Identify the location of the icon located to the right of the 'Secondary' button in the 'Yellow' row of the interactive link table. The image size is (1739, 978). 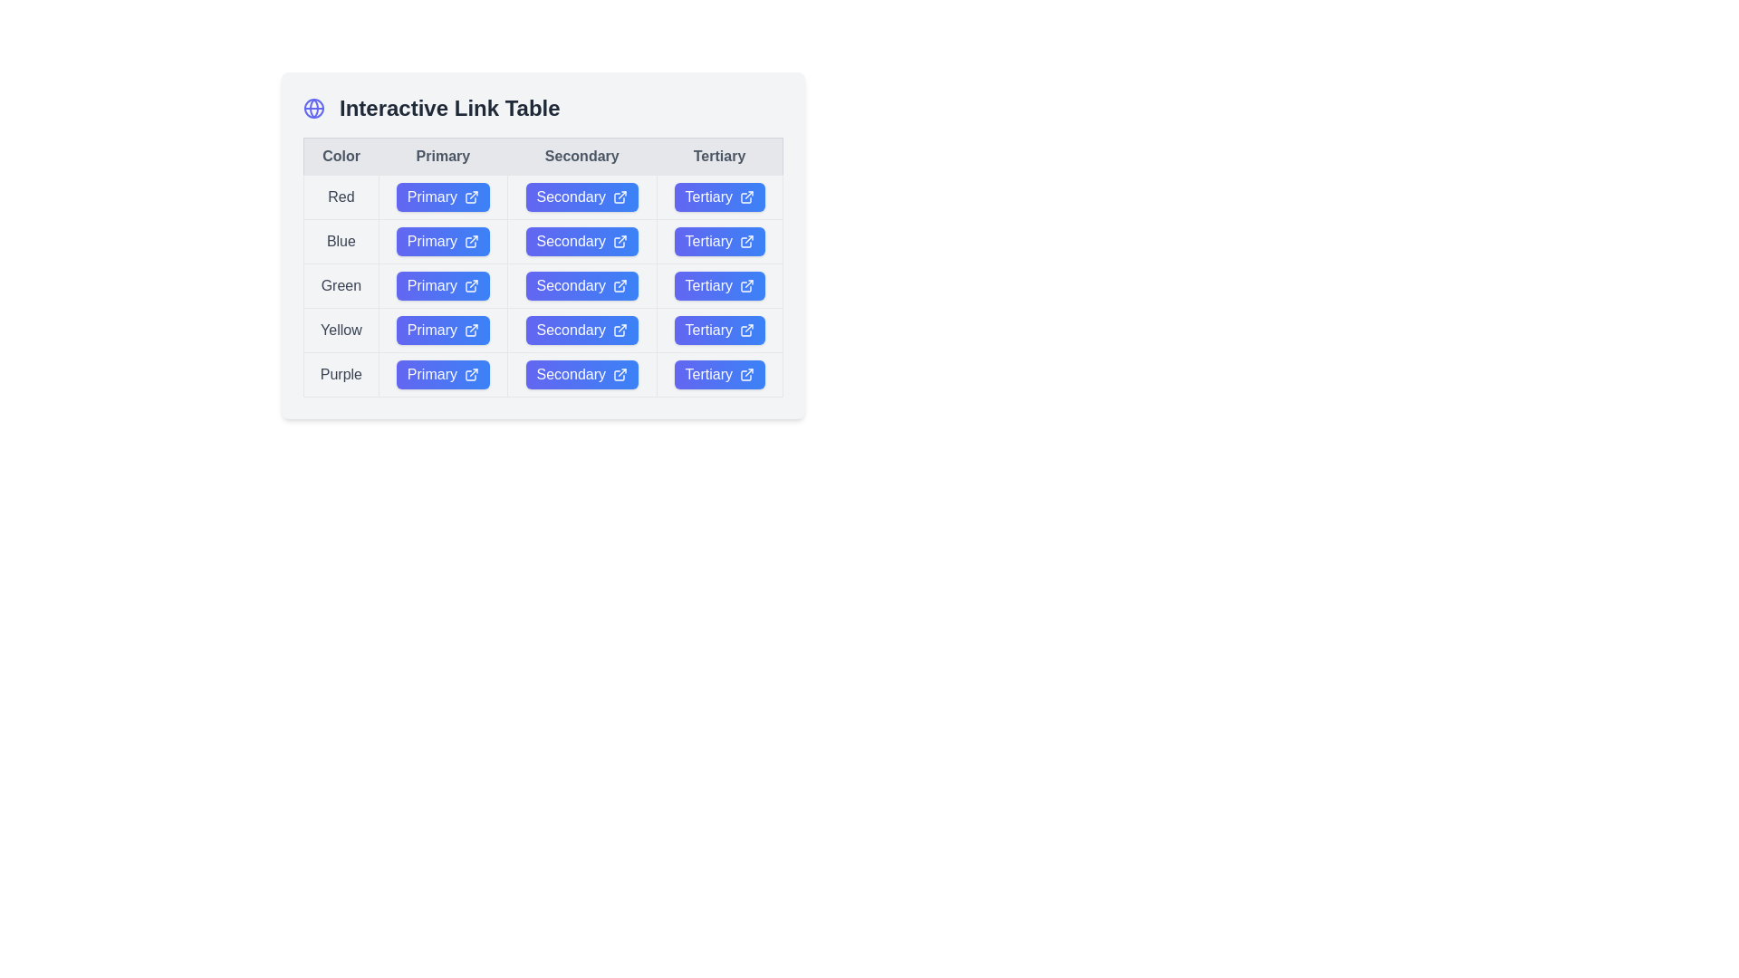
(620, 331).